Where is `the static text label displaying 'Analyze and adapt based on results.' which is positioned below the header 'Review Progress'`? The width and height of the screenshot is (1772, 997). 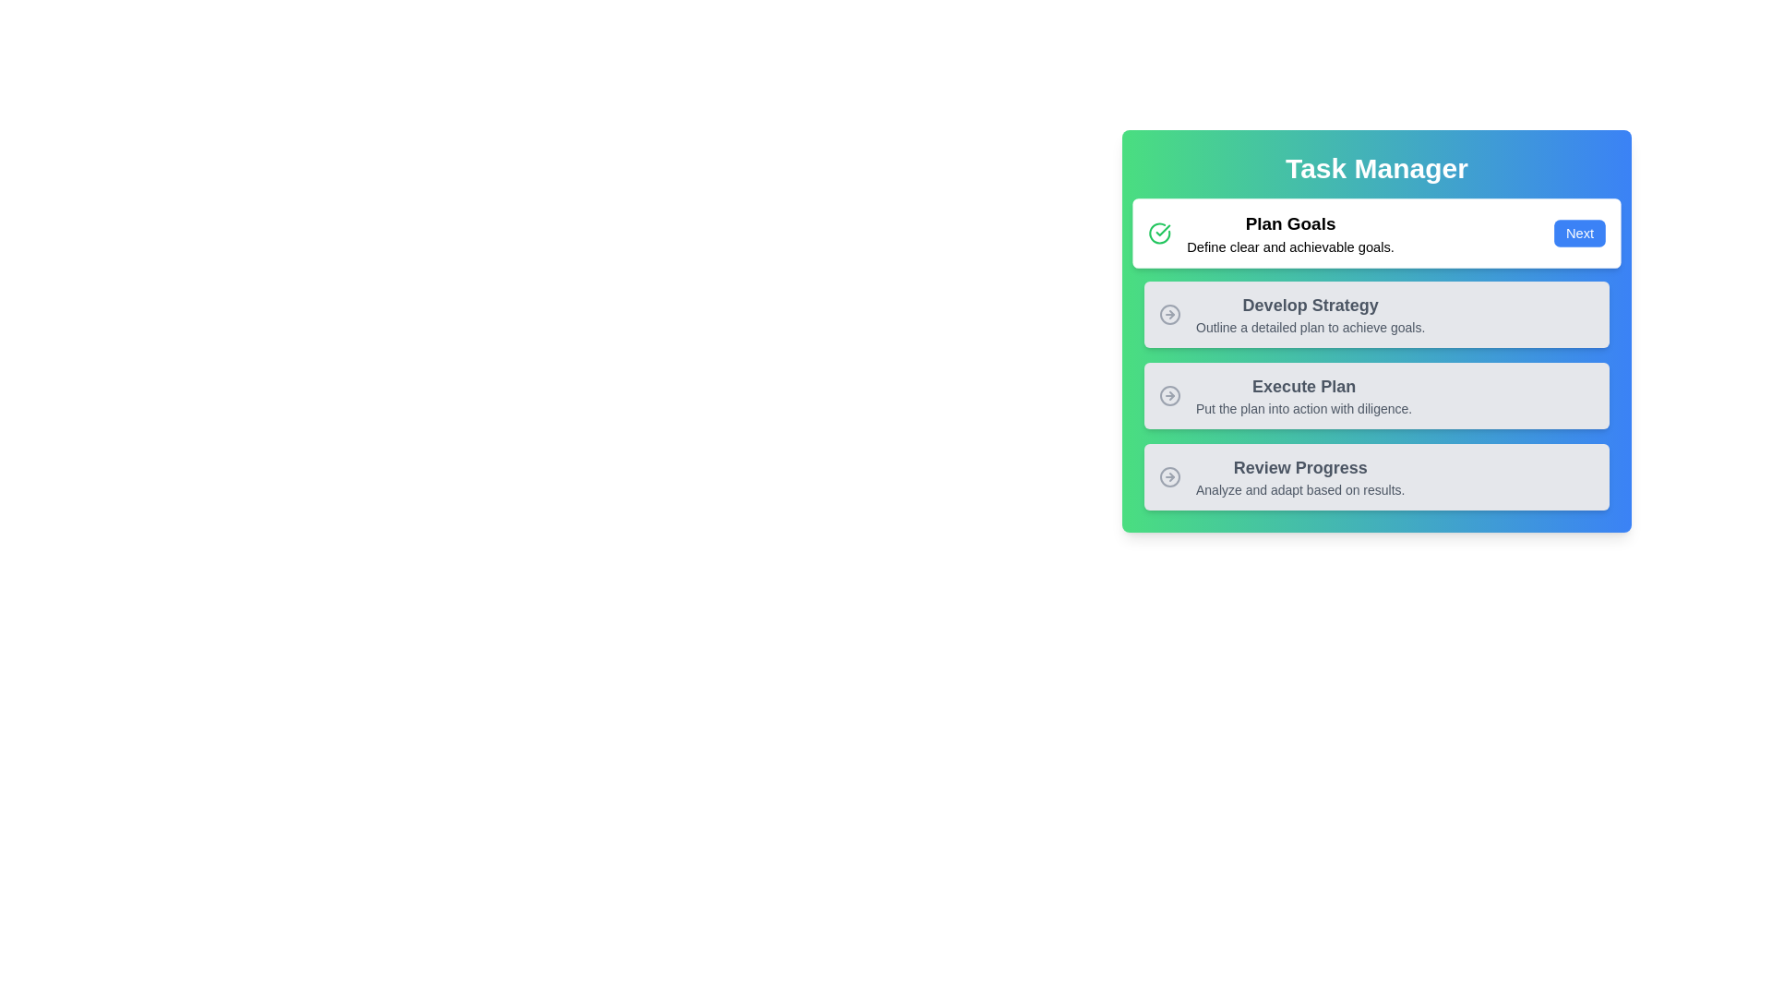 the static text label displaying 'Analyze and adapt based on results.' which is positioned below the header 'Review Progress' is located at coordinates (1299, 489).